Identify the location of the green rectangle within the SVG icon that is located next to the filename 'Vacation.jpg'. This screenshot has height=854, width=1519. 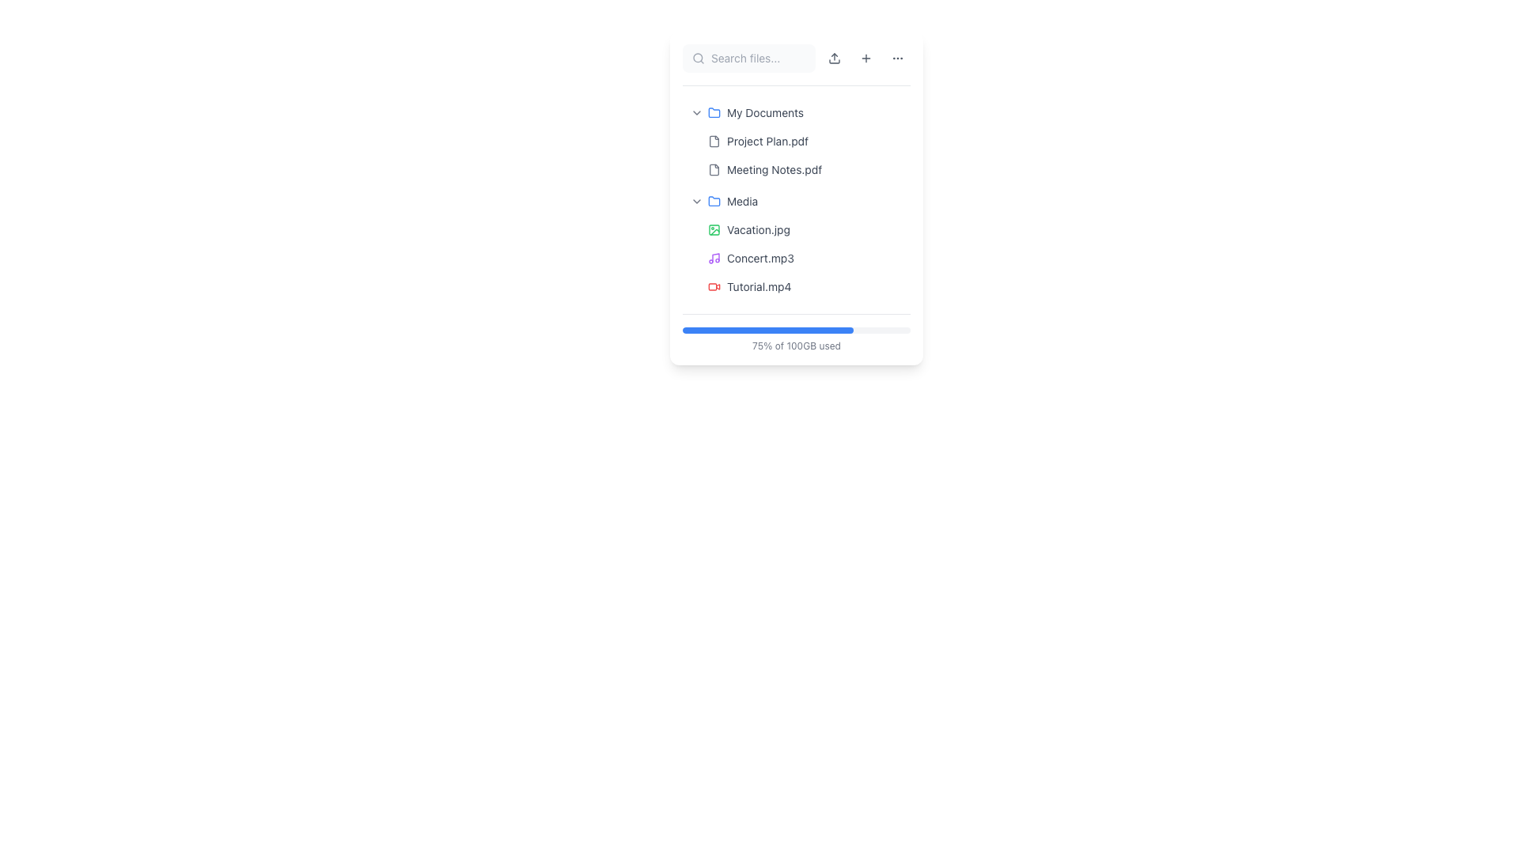
(713, 229).